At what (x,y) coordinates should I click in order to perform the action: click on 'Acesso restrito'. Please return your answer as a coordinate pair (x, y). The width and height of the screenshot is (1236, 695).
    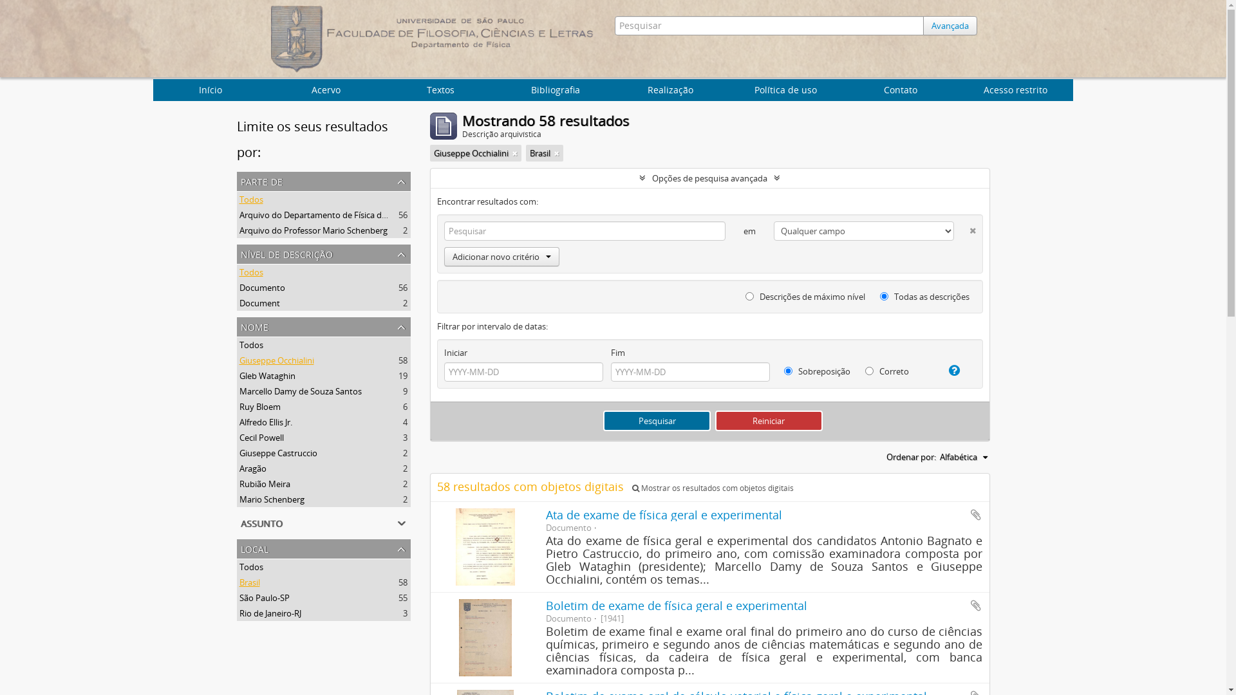
    Looking at the image, I should click on (1015, 89).